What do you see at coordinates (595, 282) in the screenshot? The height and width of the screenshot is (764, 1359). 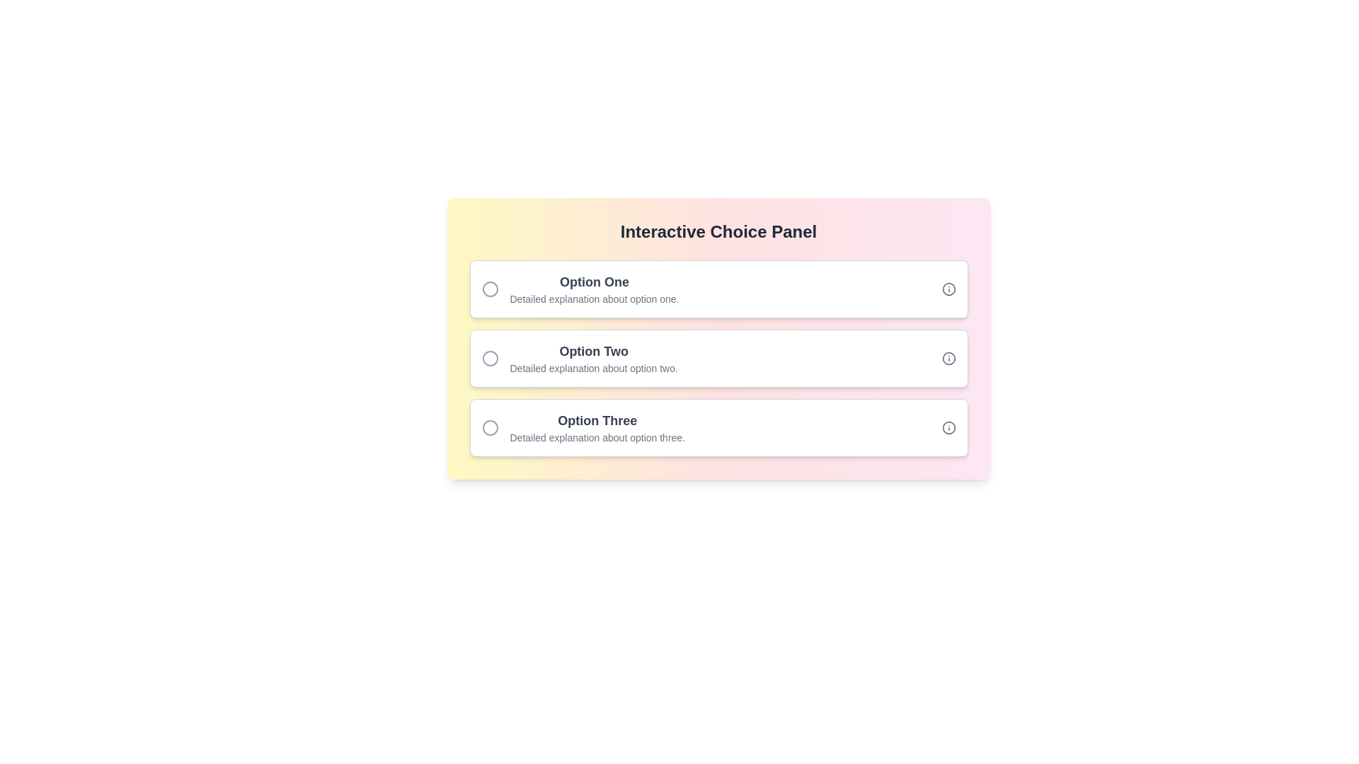 I see `text element displaying 'Option One' in bold font and dark gray color, located at the top of the first card in the options list` at bounding box center [595, 282].